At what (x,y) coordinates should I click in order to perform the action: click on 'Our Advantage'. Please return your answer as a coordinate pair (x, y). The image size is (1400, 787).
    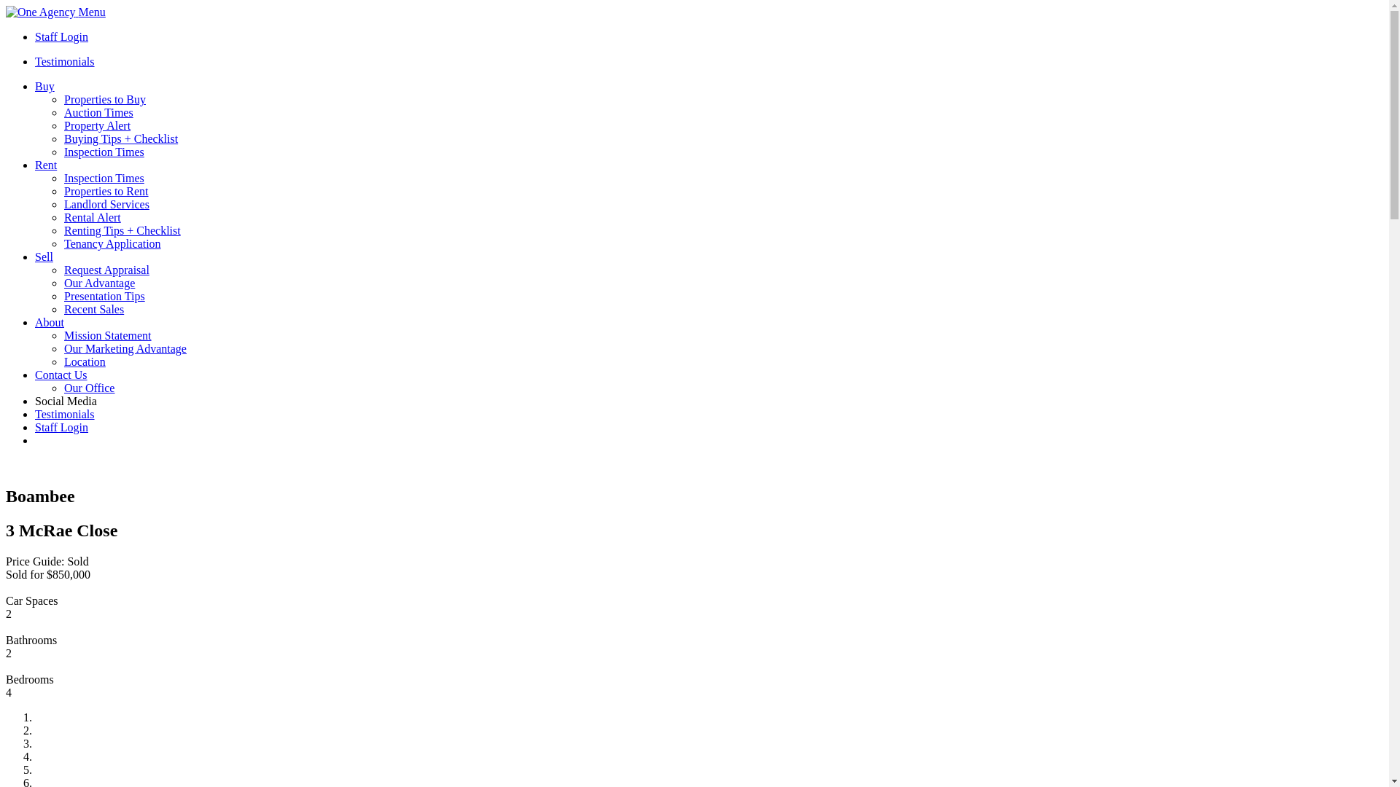
    Looking at the image, I should click on (63, 283).